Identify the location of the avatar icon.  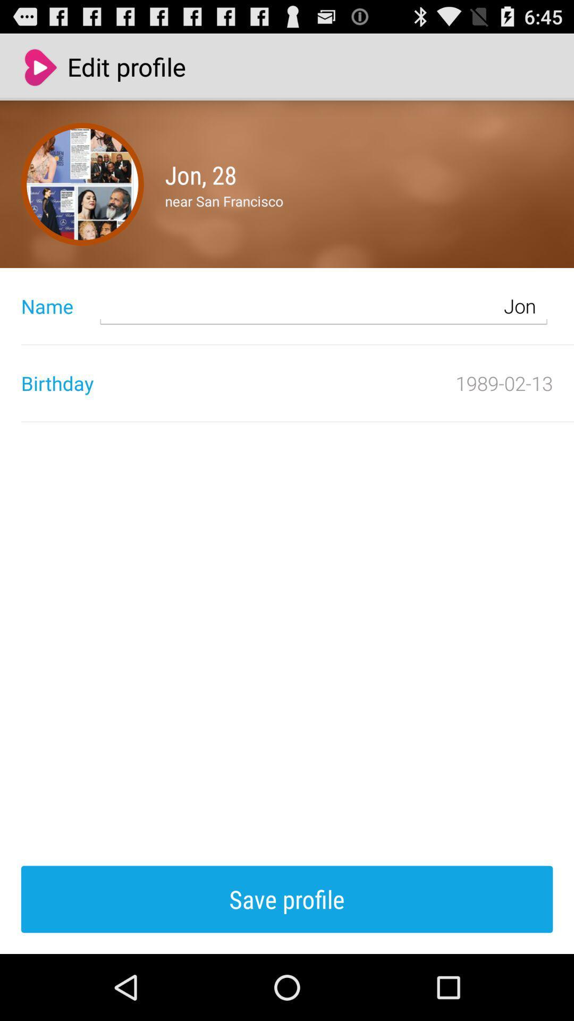
(82, 197).